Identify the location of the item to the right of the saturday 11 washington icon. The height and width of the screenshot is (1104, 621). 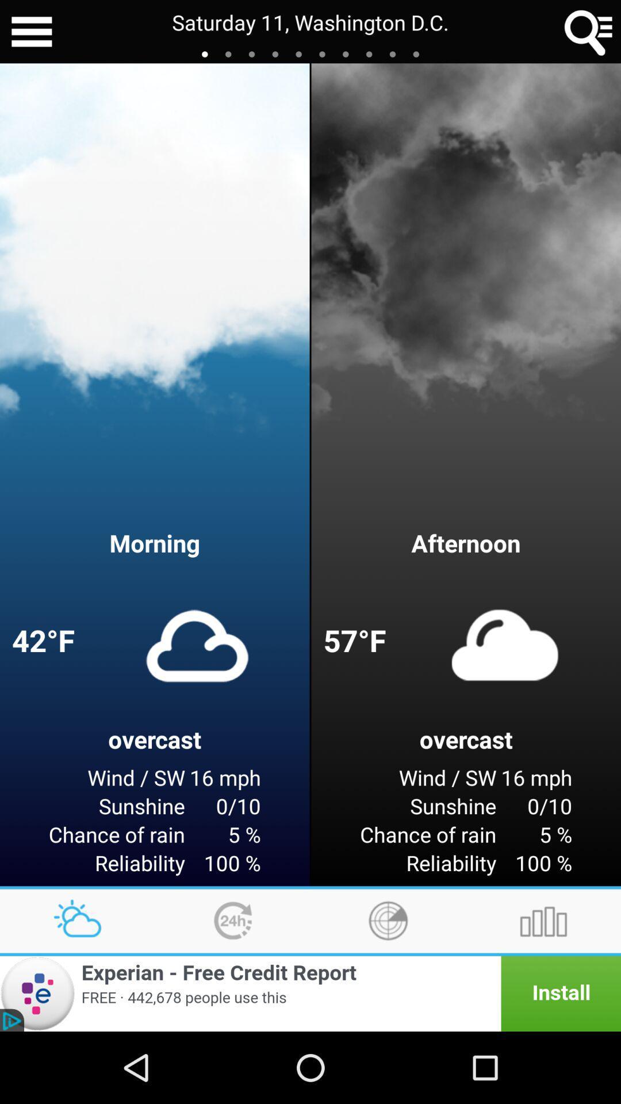
(589, 32).